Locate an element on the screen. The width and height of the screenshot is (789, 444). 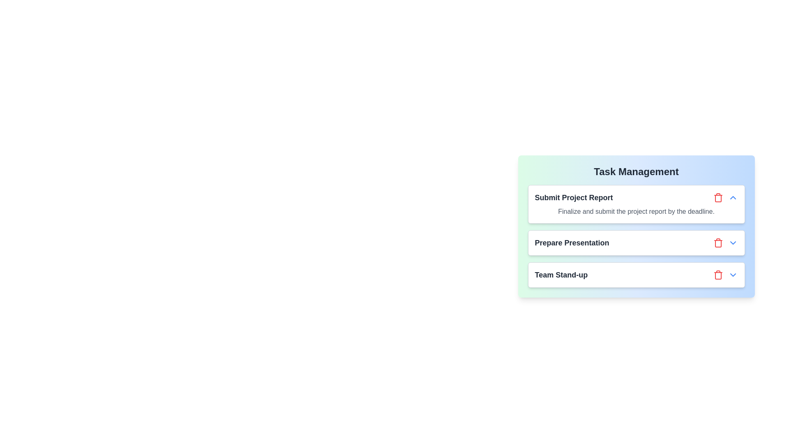
the informational Text label located beneath the 'Submit Project Report' heading in the 'Task Management' panel is located at coordinates (636, 211).